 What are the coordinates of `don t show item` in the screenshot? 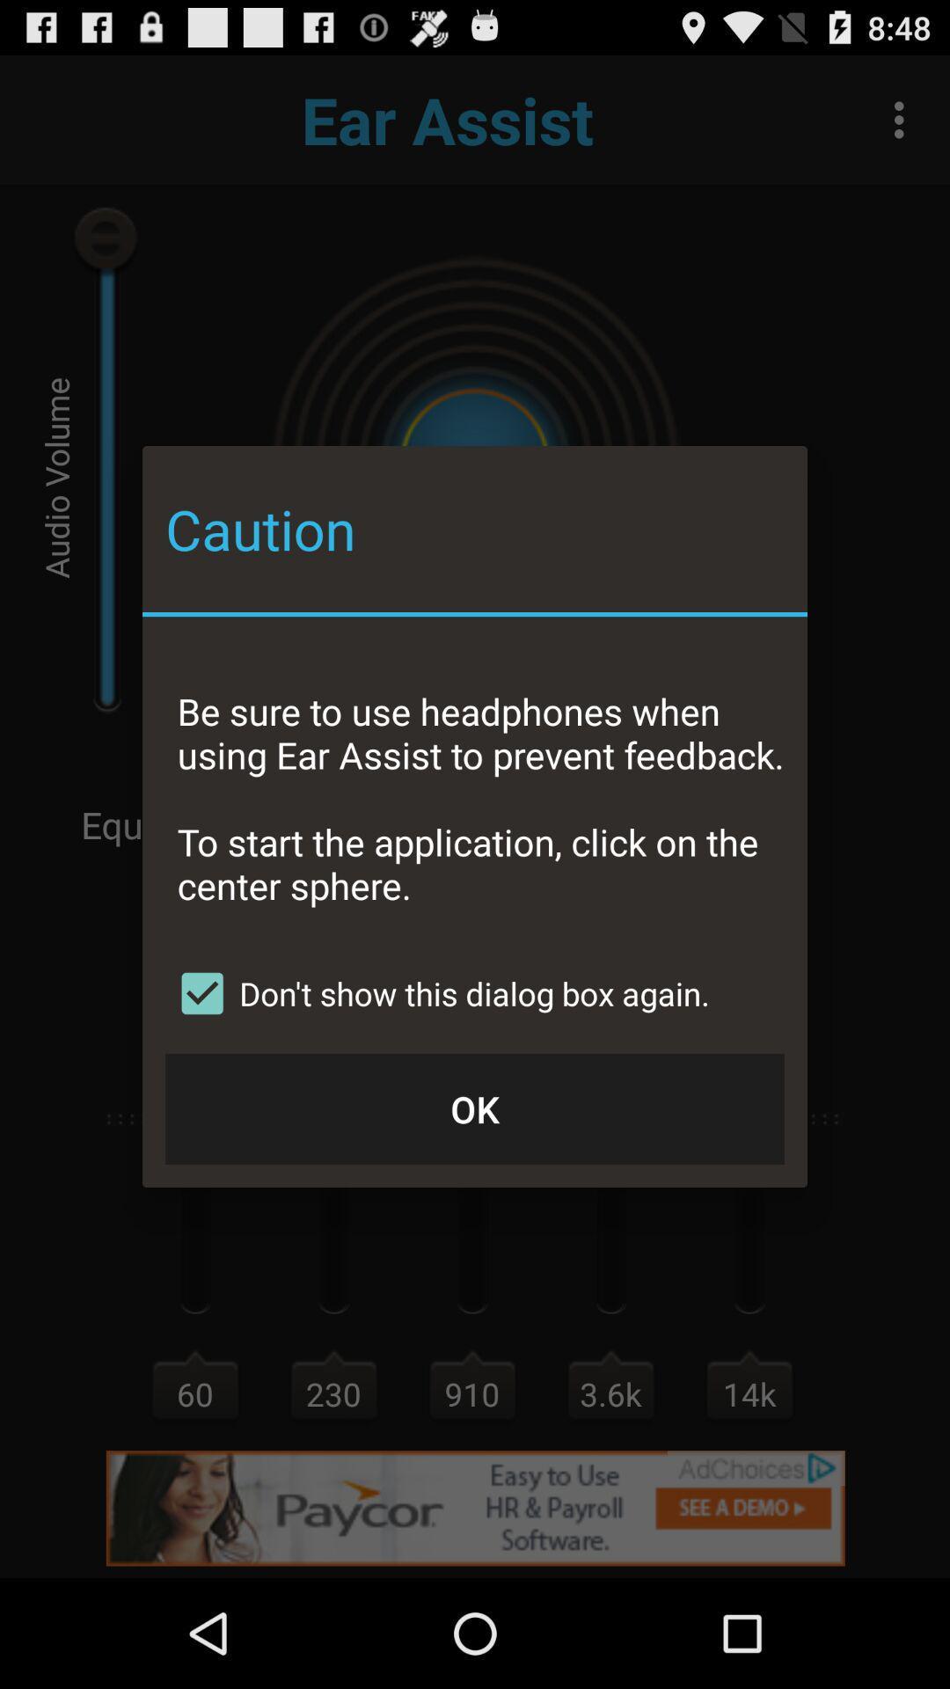 It's located at (436, 993).